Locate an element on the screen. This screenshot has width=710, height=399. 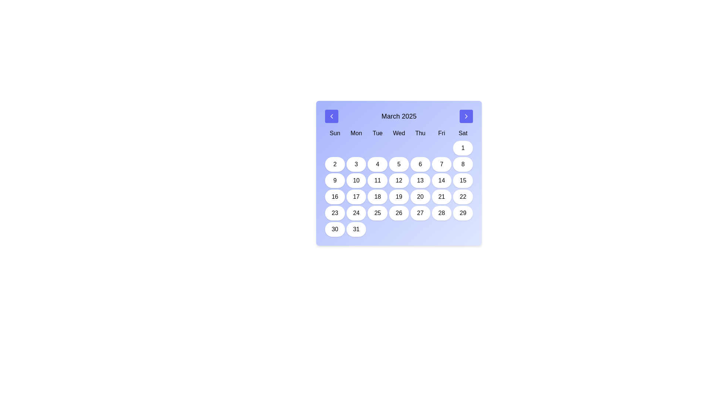
the selectable day button located in the first row and third column of the calendar view is located at coordinates (356, 164).